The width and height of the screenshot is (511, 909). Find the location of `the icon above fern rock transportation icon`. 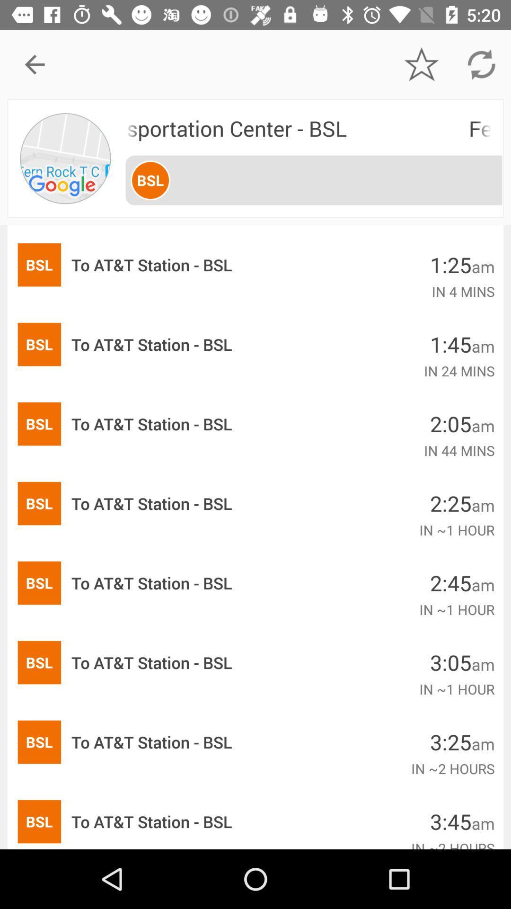

the icon above fern rock transportation icon is located at coordinates (481, 64).